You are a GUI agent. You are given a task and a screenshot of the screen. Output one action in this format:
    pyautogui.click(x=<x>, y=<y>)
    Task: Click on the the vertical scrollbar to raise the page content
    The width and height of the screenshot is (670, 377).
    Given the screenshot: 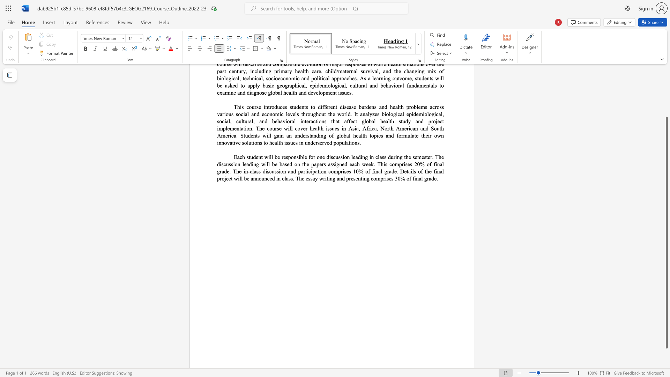 What is the action you would take?
    pyautogui.click(x=666, y=94)
    